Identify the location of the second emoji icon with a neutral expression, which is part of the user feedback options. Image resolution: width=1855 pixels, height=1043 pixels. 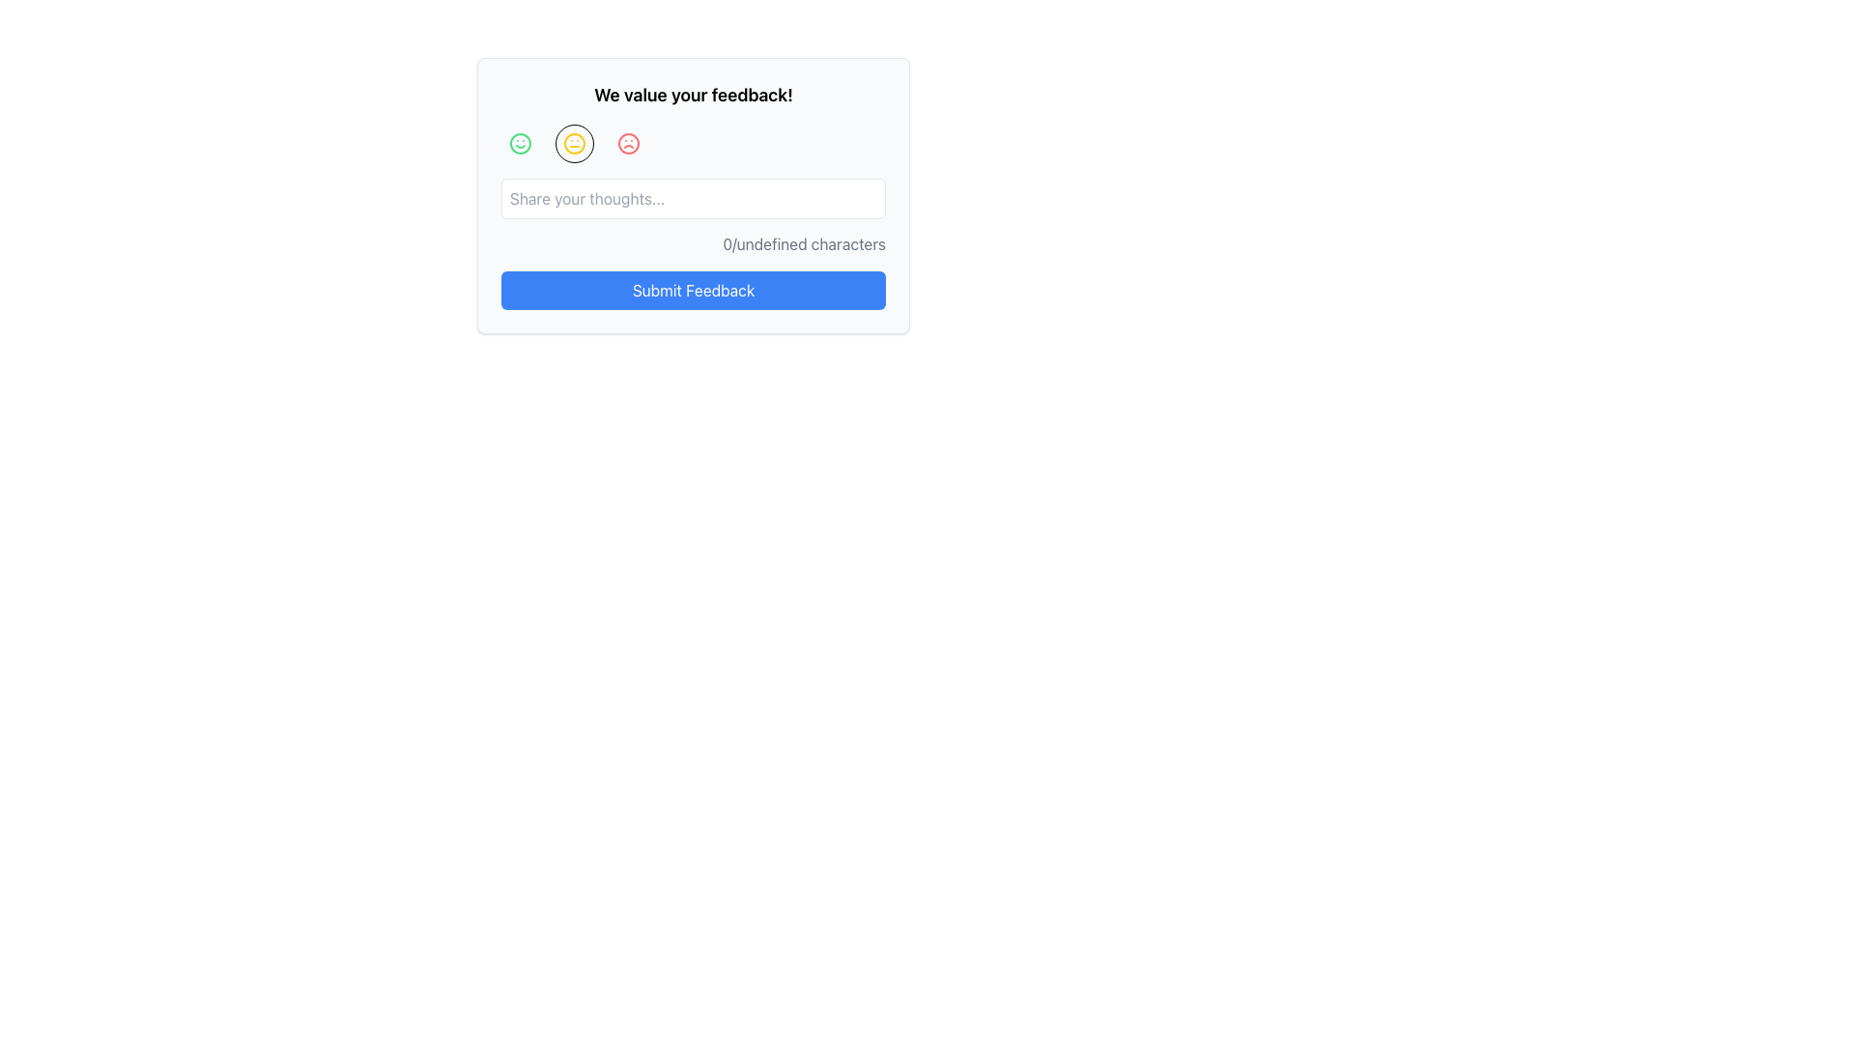
(574, 143).